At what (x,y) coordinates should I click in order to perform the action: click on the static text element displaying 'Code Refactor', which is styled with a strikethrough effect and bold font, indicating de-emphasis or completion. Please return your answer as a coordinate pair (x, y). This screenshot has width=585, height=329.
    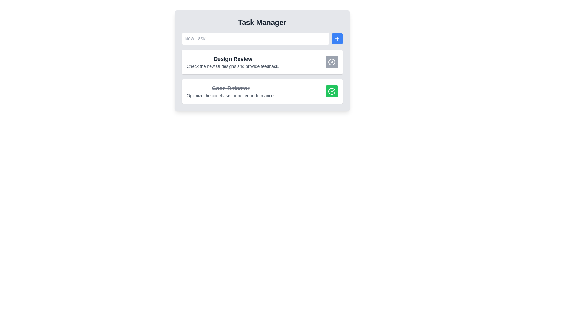
    Looking at the image, I should click on (230, 88).